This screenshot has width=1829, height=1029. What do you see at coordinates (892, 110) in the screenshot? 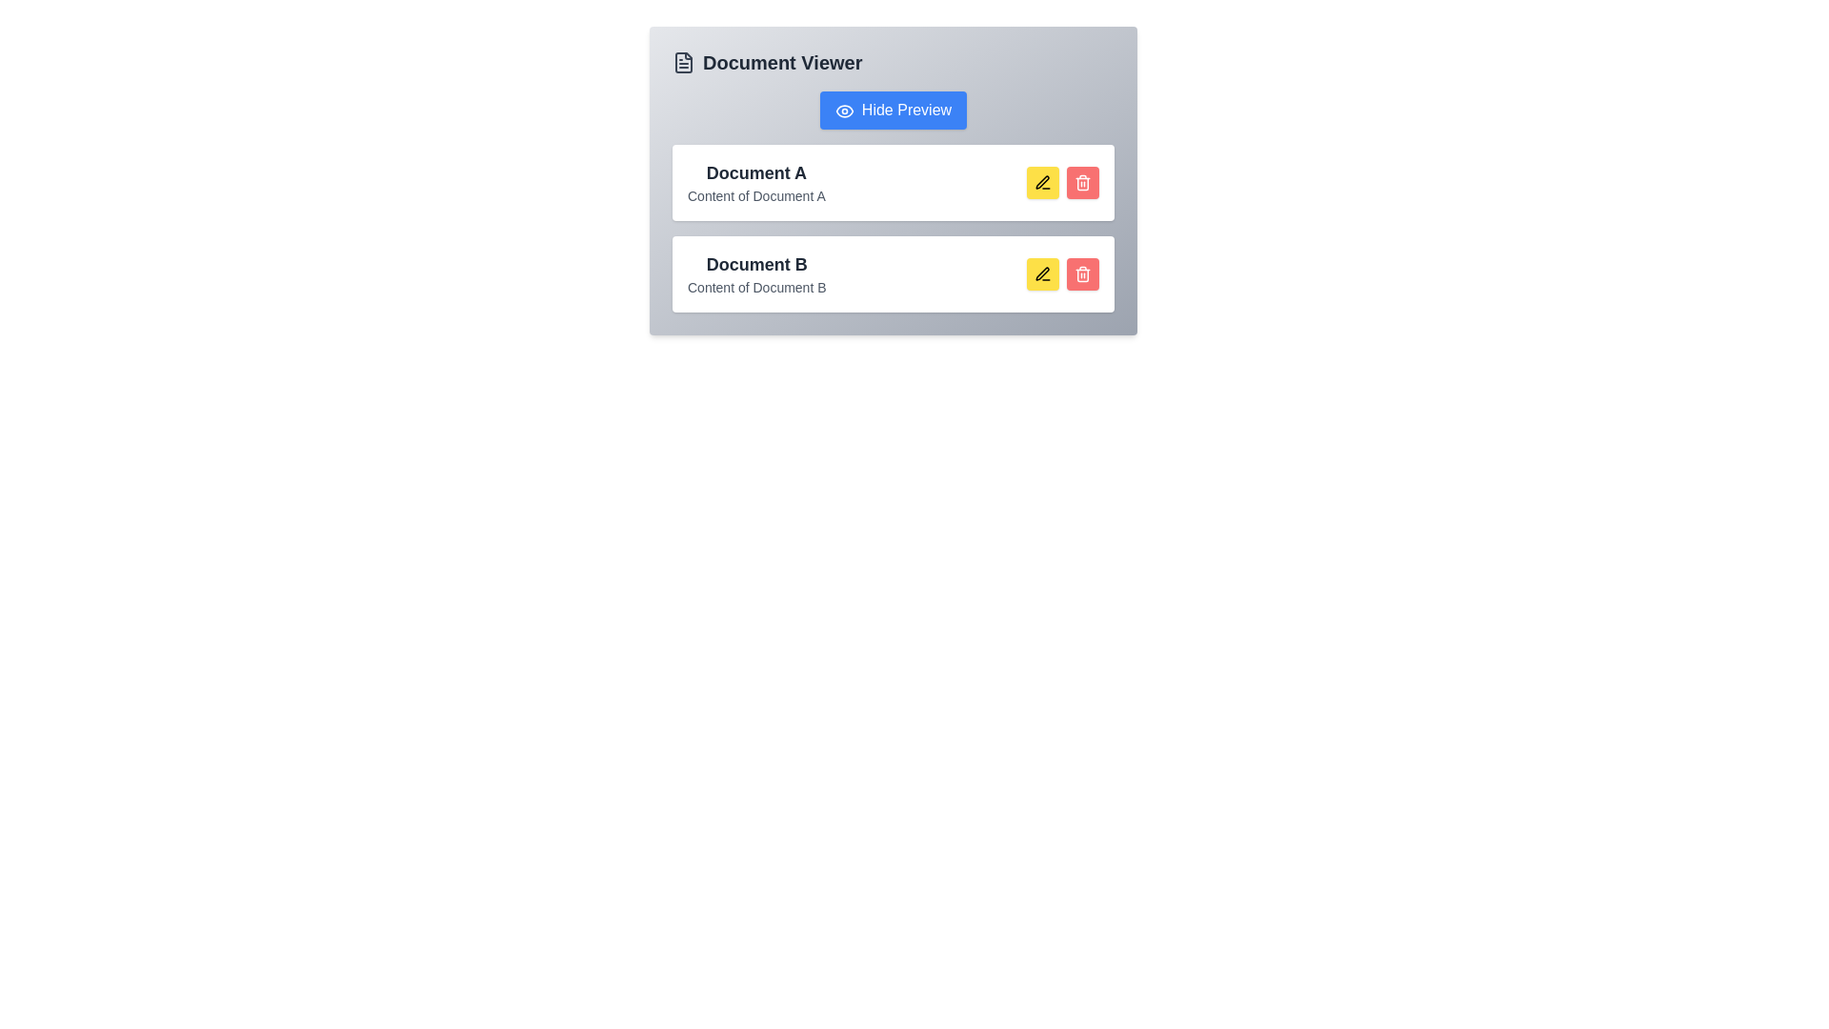
I see `the rectangular button with rounded corners, blue background, and white text that reads 'Hide Preview'` at bounding box center [892, 110].